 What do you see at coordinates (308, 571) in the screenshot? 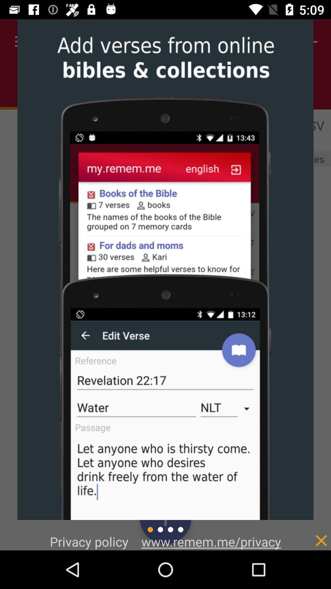
I see `the close icon` at bounding box center [308, 571].